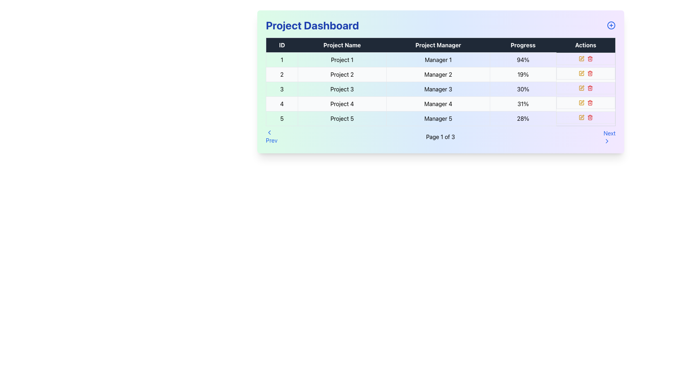 Image resolution: width=688 pixels, height=387 pixels. Describe the element at coordinates (438, 118) in the screenshot. I see `the Text Display Cell that shows the manager assigned to 'Project 5', located in the 'Project Manager' column and the 5th row of the table` at that location.